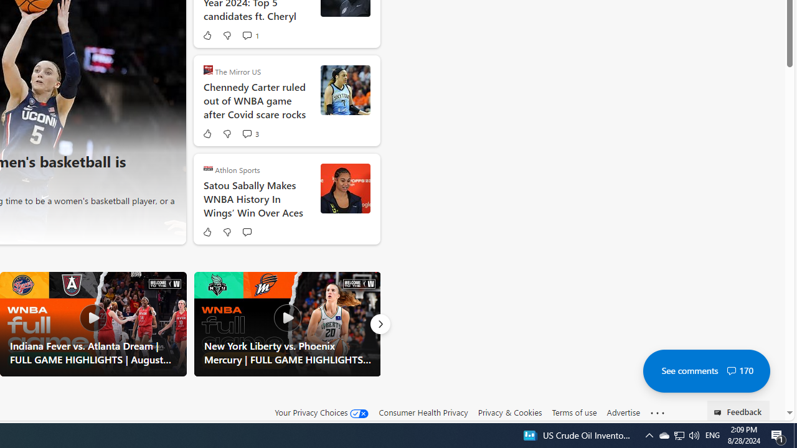  I want to click on 'Your Privacy Choices', so click(322, 412).